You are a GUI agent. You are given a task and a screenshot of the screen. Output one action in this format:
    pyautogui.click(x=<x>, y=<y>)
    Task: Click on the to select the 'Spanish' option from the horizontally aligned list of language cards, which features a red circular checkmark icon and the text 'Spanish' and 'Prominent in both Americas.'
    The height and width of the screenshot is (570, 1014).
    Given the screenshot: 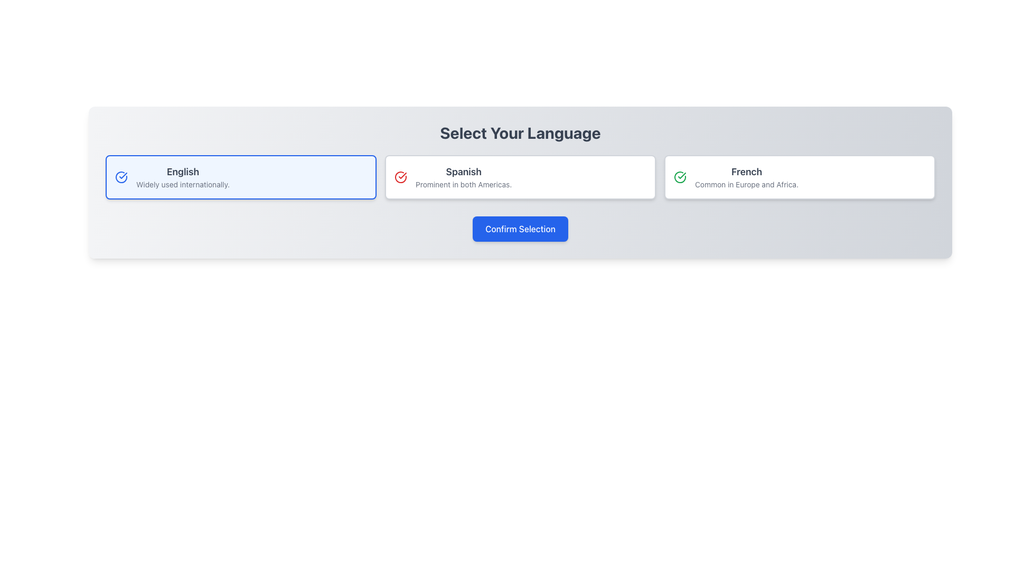 What is the action you would take?
    pyautogui.click(x=520, y=176)
    